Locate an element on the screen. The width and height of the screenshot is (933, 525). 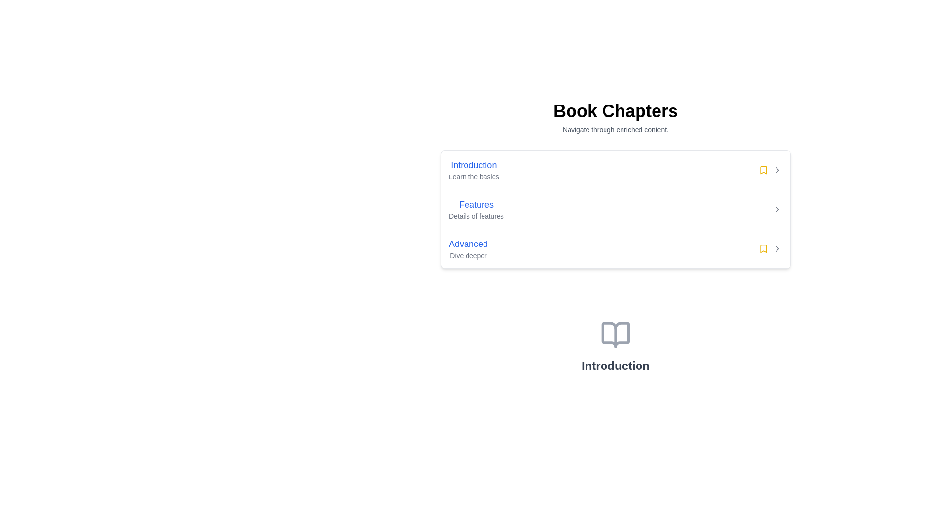
the rightward-pointing chevron icon to initiate navigation, located in the third row of the list under 'Advanced - Dive deeper' is located at coordinates (777, 248).